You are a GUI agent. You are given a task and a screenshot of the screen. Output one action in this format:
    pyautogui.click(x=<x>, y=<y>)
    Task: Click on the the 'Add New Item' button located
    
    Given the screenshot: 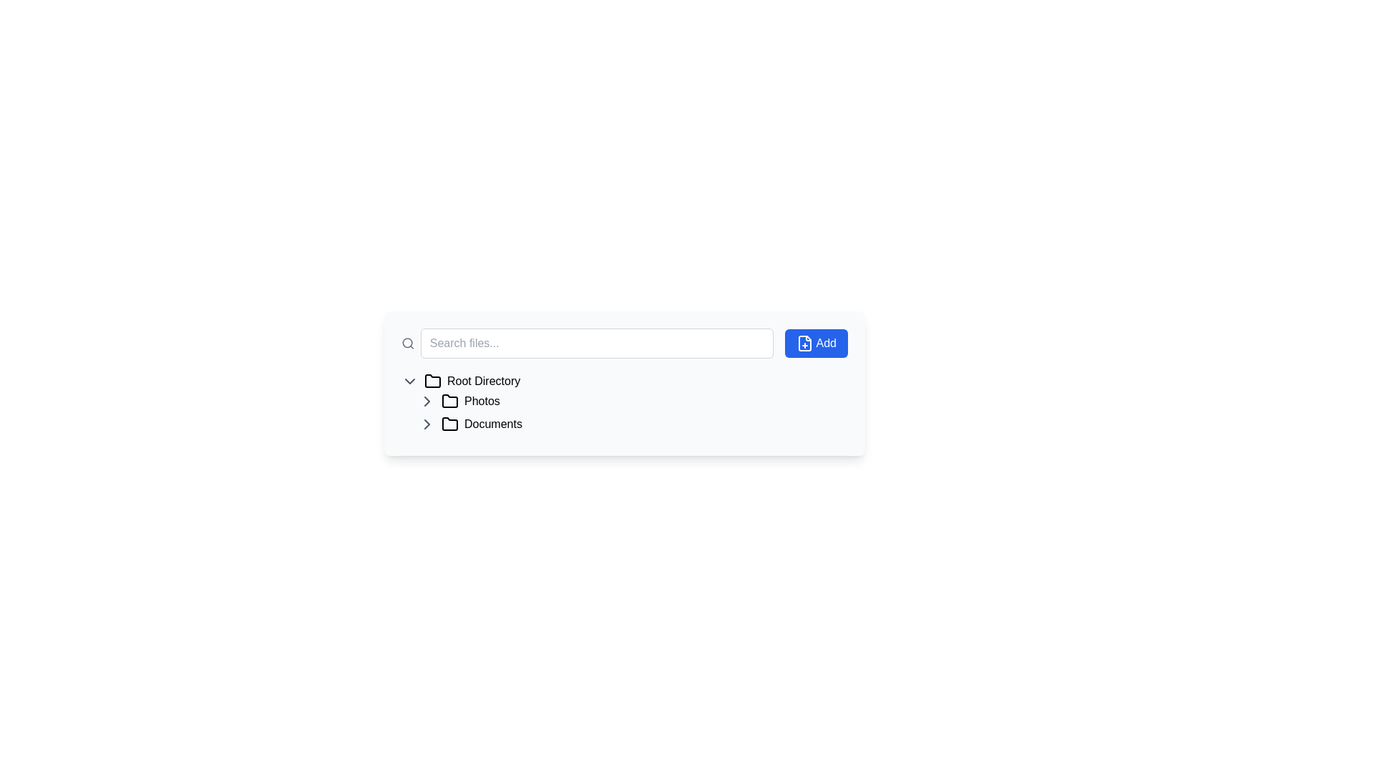 What is the action you would take?
    pyautogui.click(x=816, y=343)
    